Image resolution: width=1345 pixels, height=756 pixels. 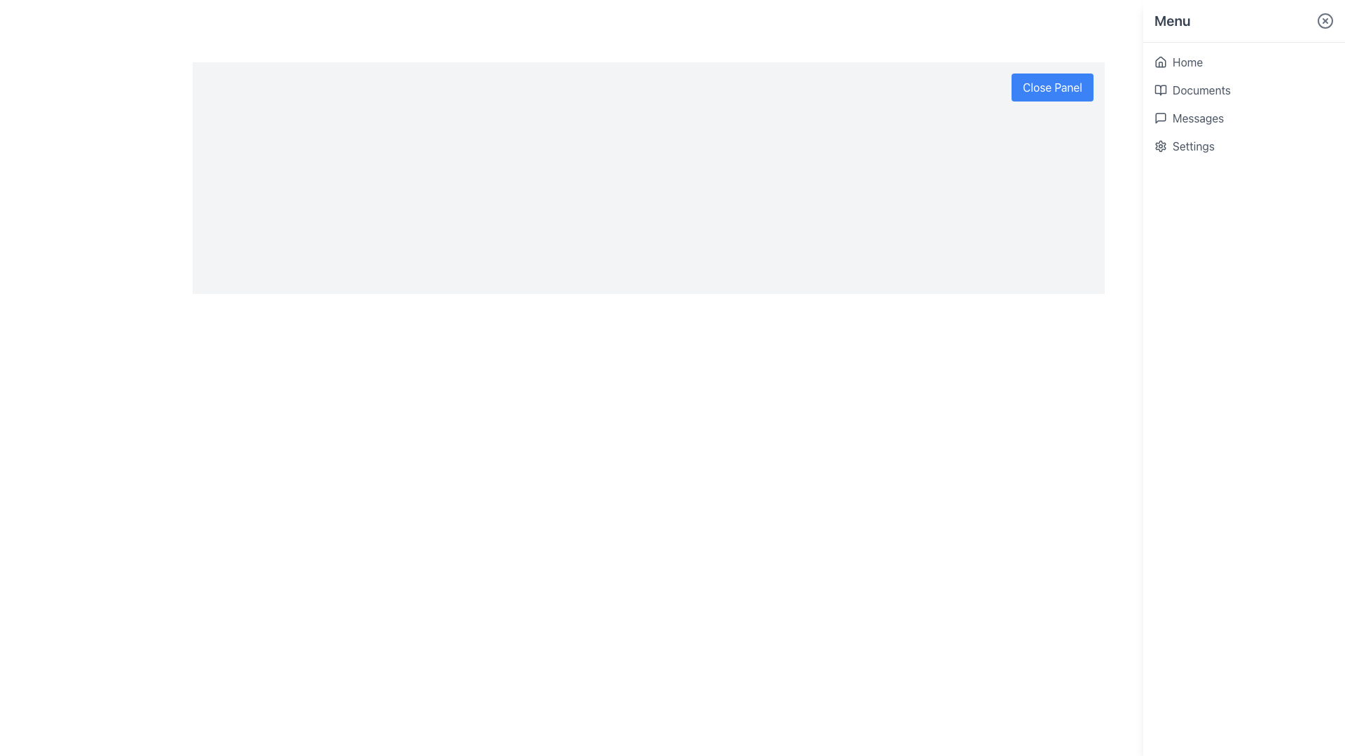 What do you see at coordinates (1244, 146) in the screenshot?
I see `the 'Settings' button in the horizontal menu, which is the fourth item in the list` at bounding box center [1244, 146].